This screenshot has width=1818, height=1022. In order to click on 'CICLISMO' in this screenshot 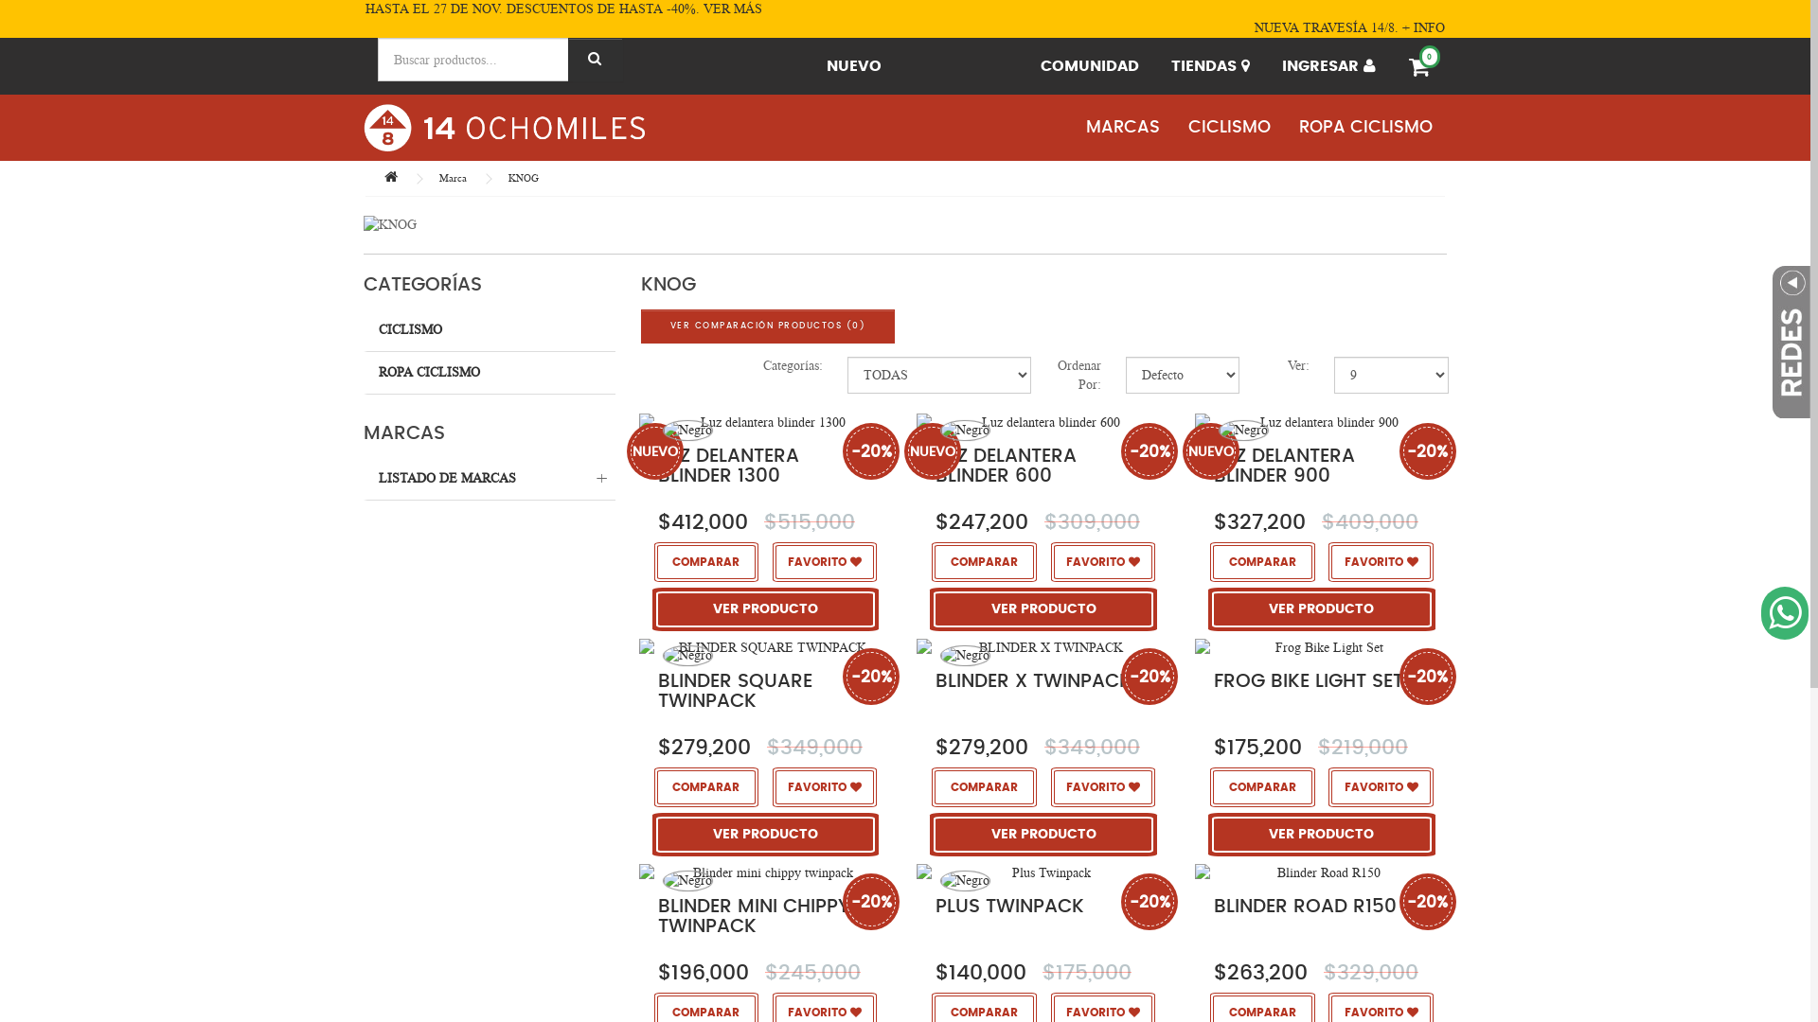, I will do `click(490, 329)`.